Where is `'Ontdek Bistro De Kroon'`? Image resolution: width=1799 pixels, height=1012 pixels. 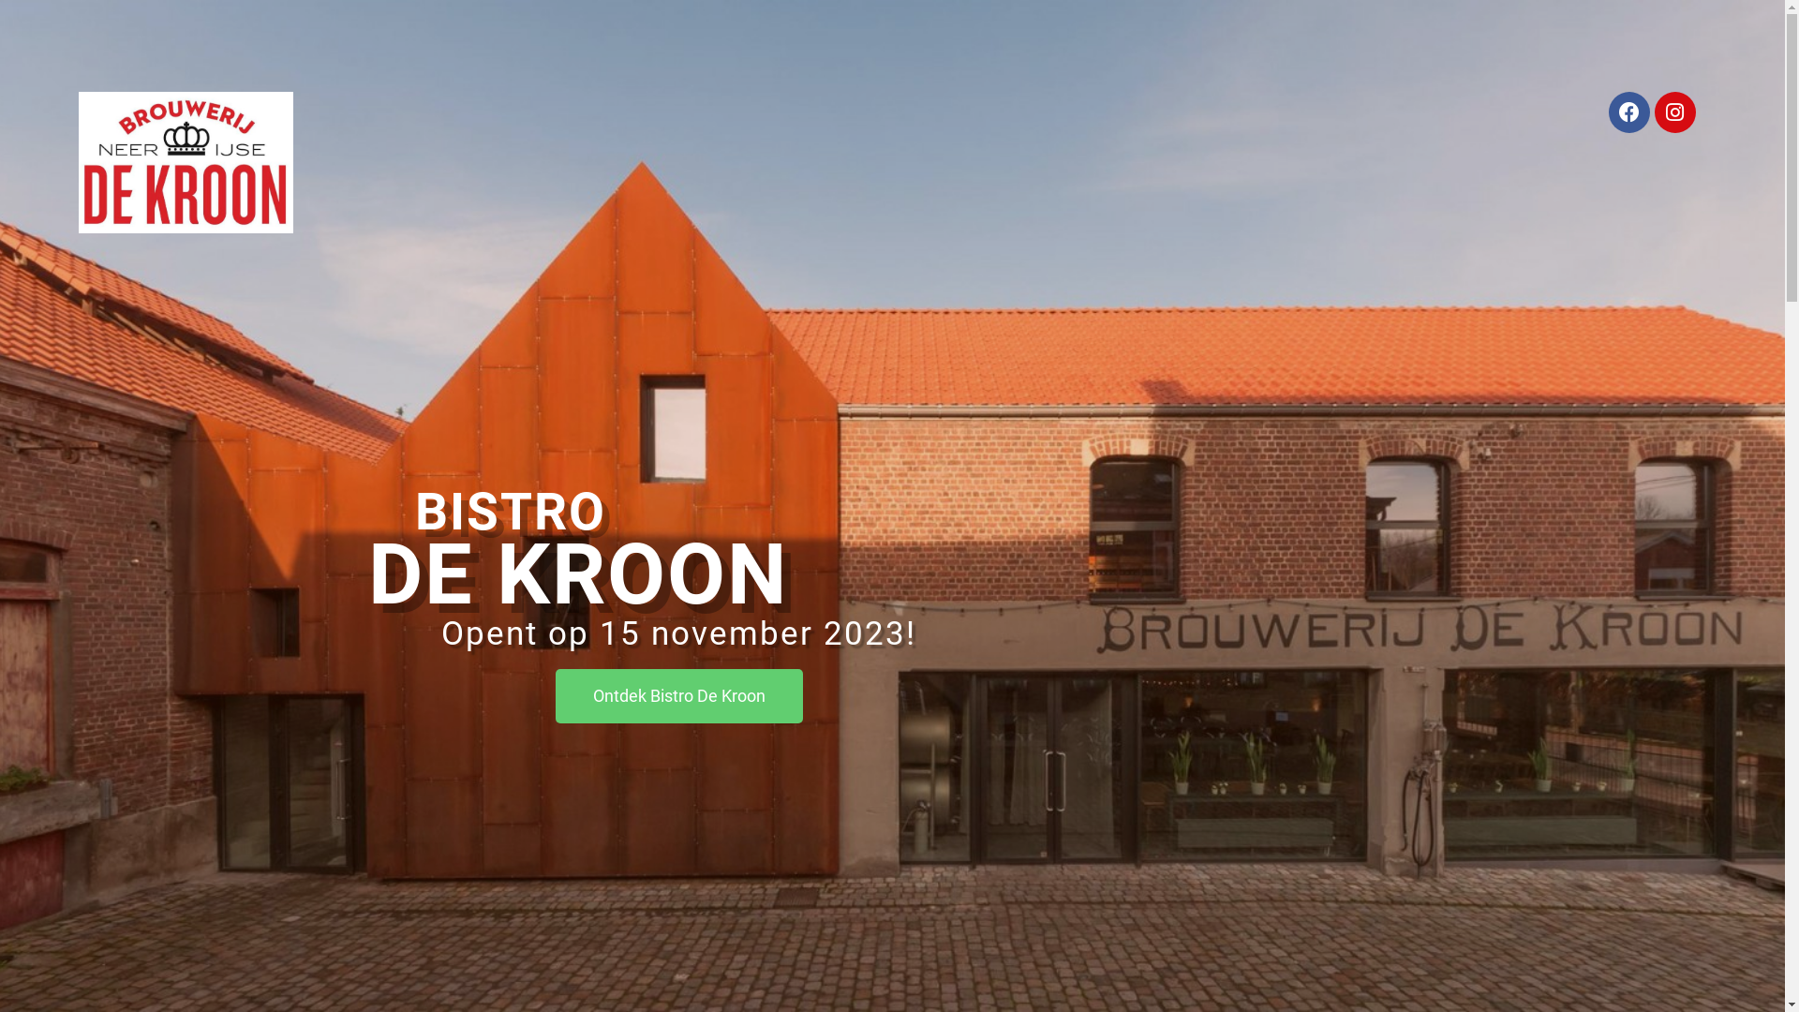 'Ontdek Bistro De Kroon' is located at coordinates (677, 696).